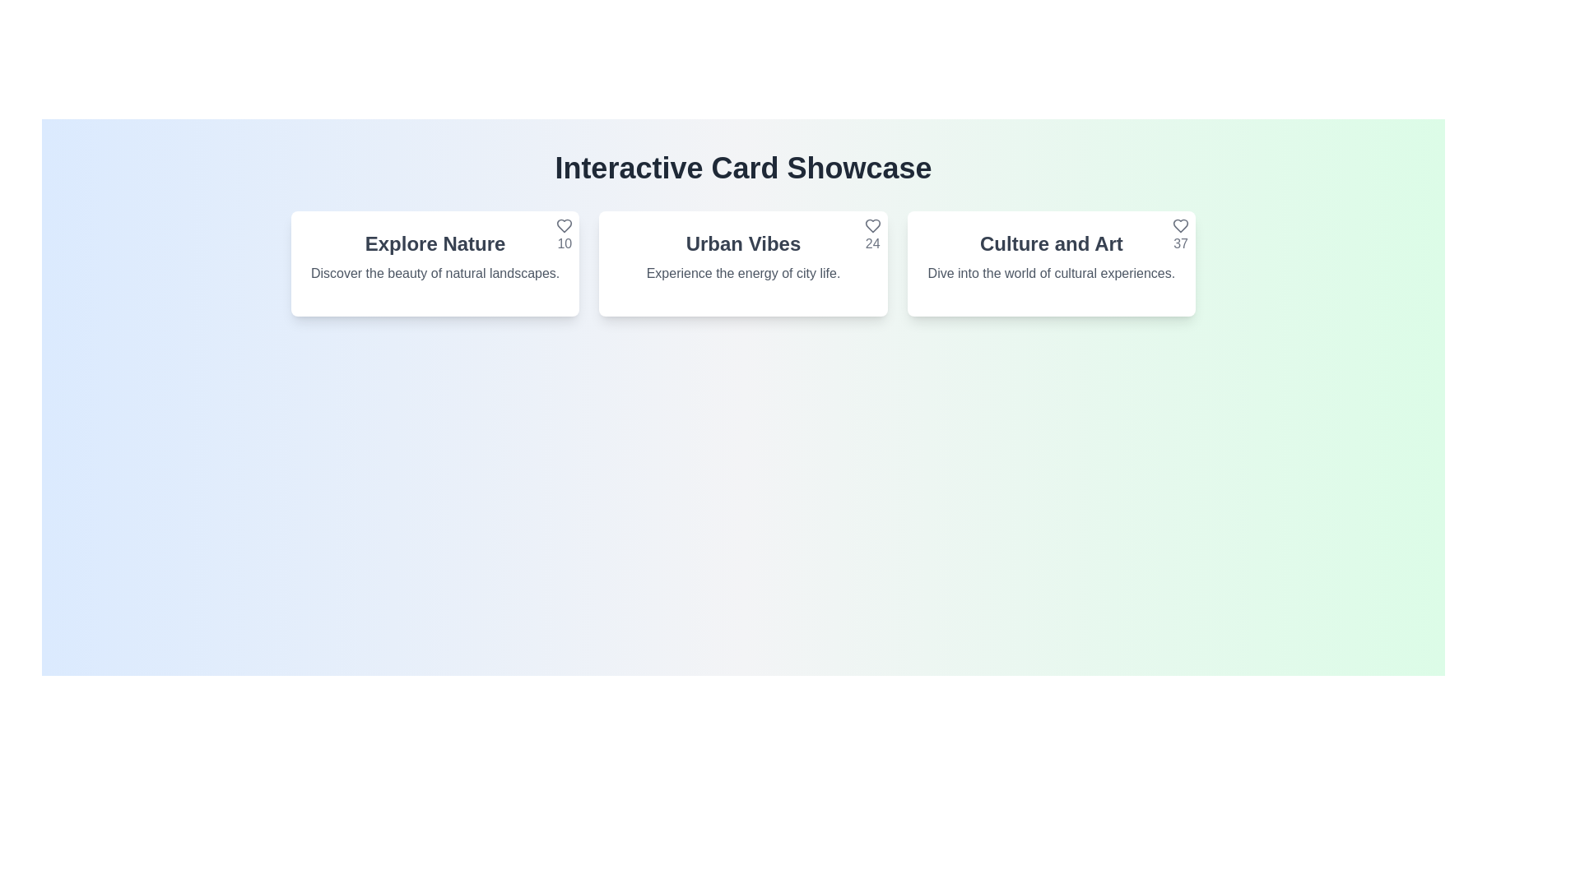  I want to click on the card titled 'Culture and Art', characterized by its white background, rounded corners, and a heart icon with the number '37' in the top-right corner, so click(1050, 262).